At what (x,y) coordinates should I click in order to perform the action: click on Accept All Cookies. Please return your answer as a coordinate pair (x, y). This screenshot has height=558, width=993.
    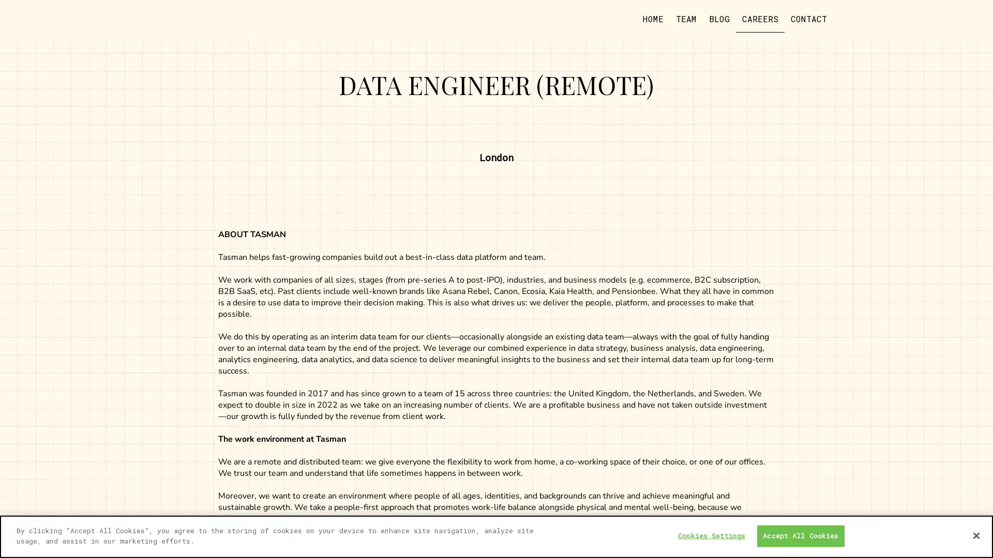
    Looking at the image, I should click on (800, 535).